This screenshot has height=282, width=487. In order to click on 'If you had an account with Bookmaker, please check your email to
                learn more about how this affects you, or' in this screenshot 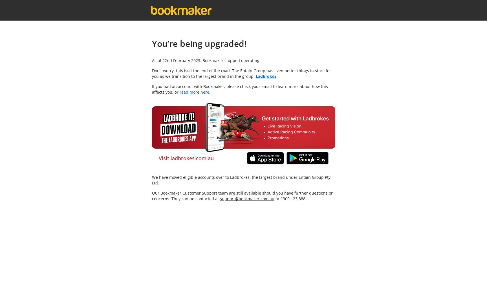, I will do `click(151, 89)`.